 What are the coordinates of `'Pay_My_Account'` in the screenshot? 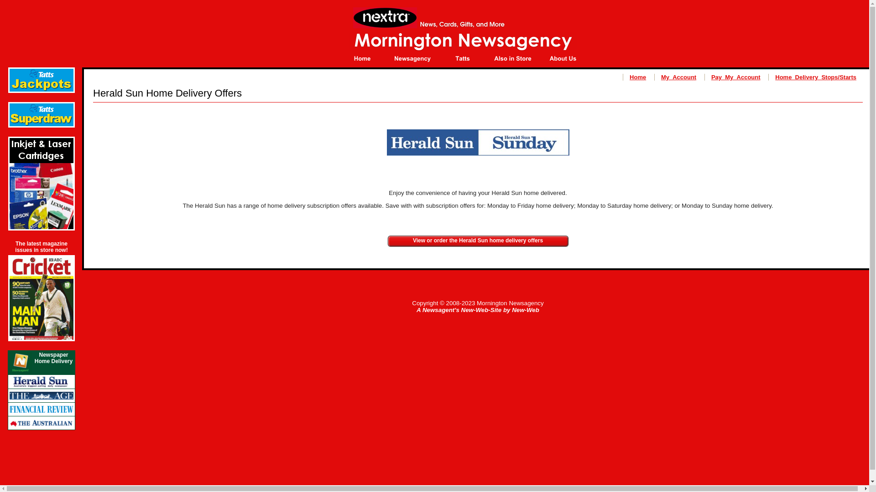 It's located at (735, 77).